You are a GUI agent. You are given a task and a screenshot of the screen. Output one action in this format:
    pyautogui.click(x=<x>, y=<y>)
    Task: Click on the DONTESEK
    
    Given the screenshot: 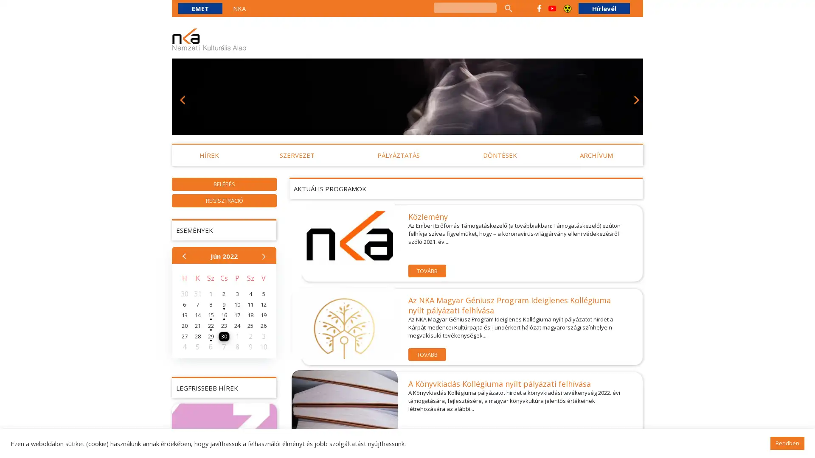 What is the action you would take?
    pyautogui.click(x=499, y=155)
    